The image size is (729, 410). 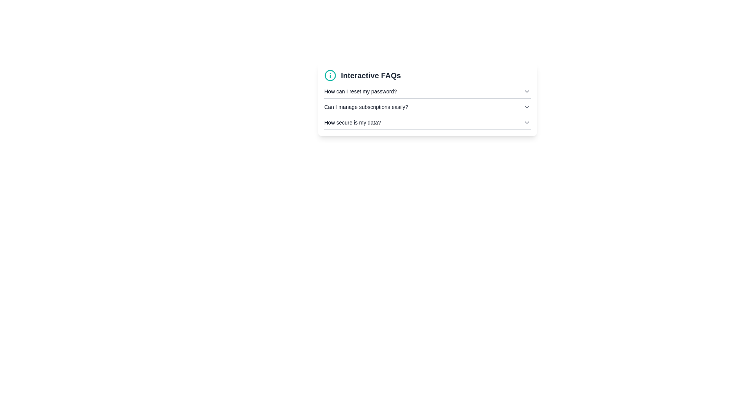 I want to click on text from the Text Label that serves as the title or header for the FAQ segment, located to the immediate right of the information icon at the top of the list of questions in the FAQ card section, so click(x=371, y=76).